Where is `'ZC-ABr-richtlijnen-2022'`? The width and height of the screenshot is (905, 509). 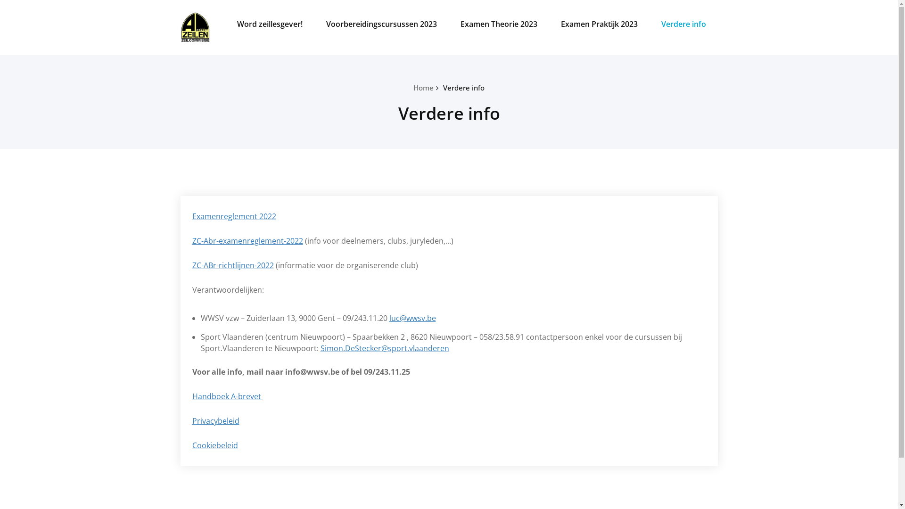 'ZC-ABr-richtlijnen-2022' is located at coordinates (233, 265).